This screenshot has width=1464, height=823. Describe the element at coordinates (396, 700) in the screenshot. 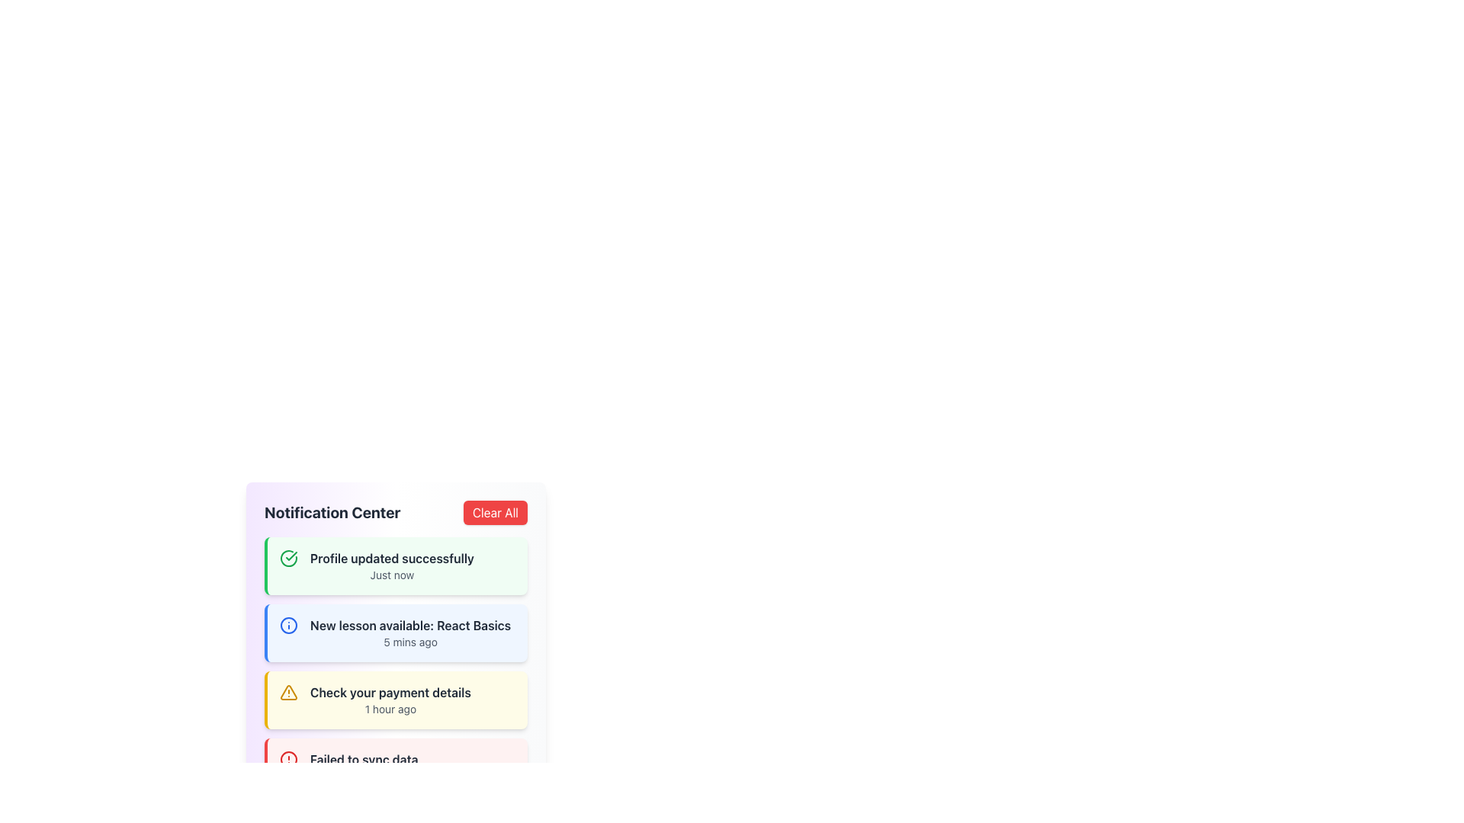

I see `notification message from the third notification card in the Notification Center, which alerts the user to check their payment details` at that location.